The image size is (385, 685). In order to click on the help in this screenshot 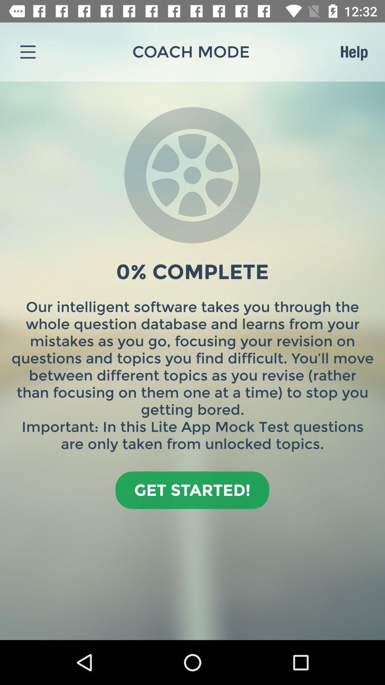, I will do `click(354, 51)`.